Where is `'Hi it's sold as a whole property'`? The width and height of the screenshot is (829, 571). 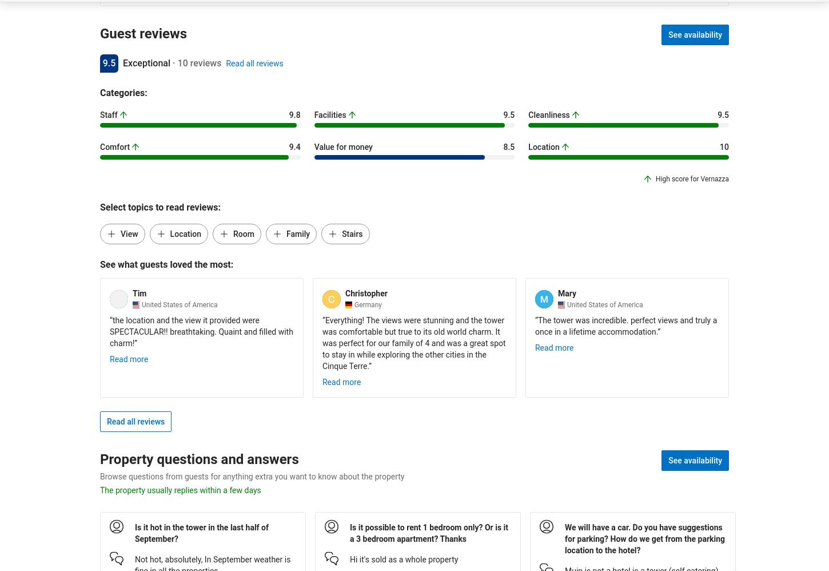 'Hi it's sold as a whole property' is located at coordinates (403, 559).